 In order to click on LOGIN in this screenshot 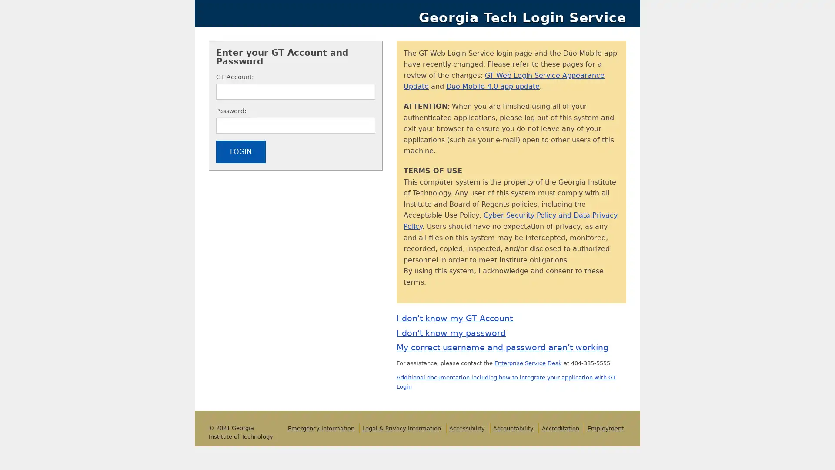, I will do `click(240, 161)`.